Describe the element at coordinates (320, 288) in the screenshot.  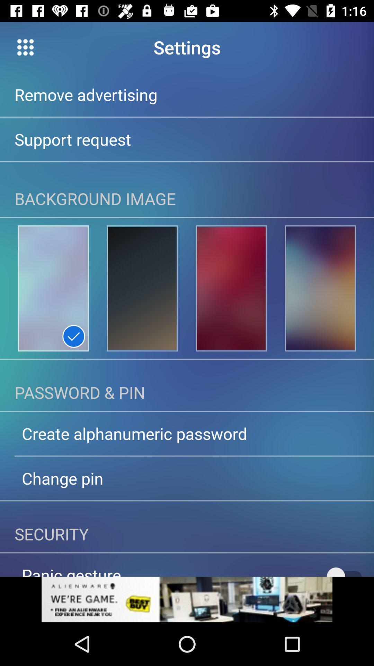
I see `set the background image` at that location.